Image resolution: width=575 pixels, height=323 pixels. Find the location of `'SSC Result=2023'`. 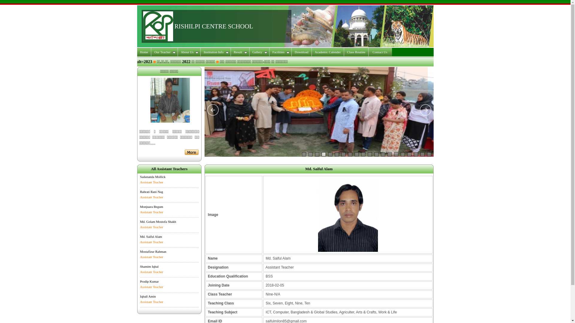

'SSC Result=2023' is located at coordinates (253, 62).